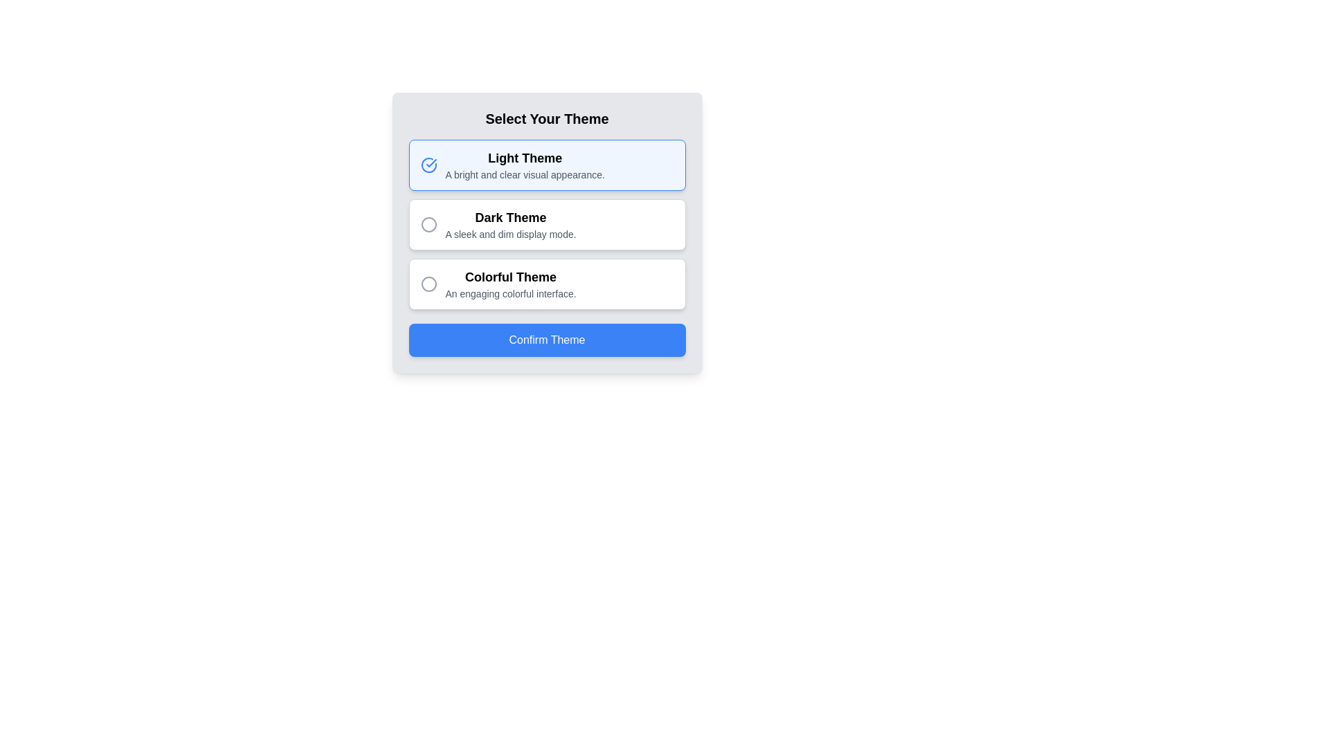  What do you see at coordinates (546, 340) in the screenshot?
I see `the blue button labeled 'Confirm Theme' at the bottom of the dialog box to confirm the selection` at bounding box center [546, 340].